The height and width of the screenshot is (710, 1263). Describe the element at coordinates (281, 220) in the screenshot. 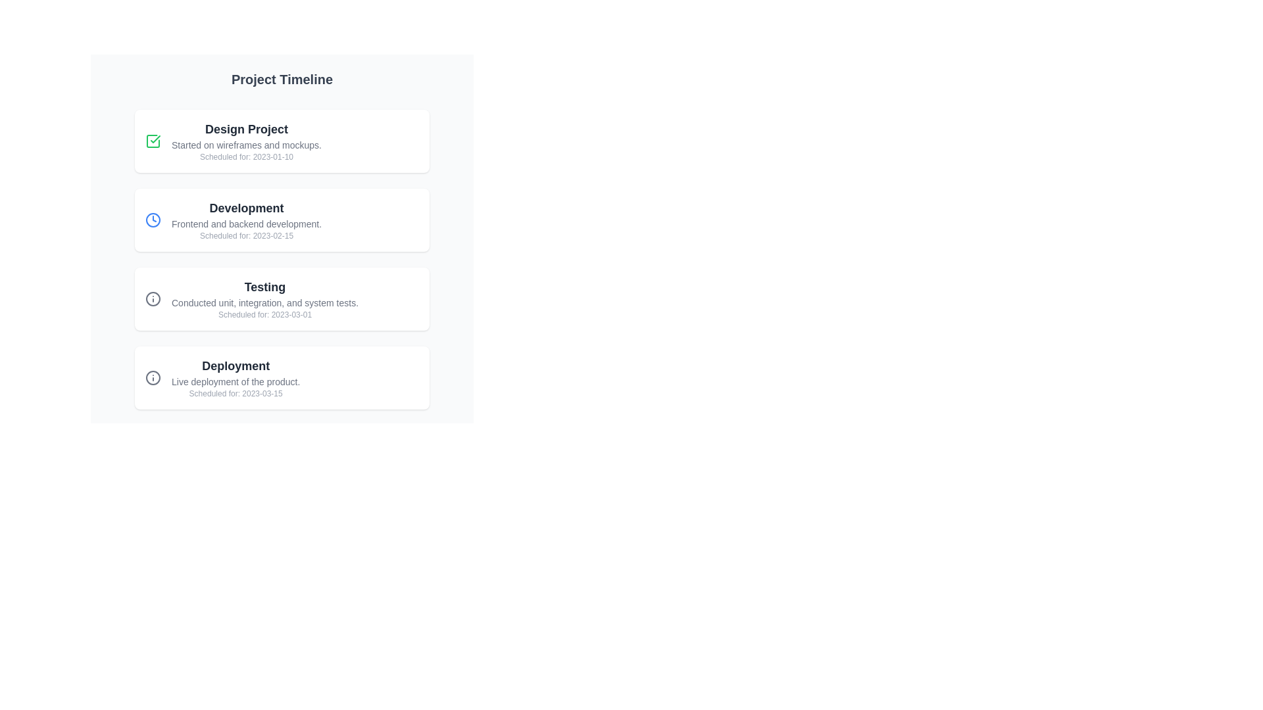

I see `the 'Development' phase card, which is the second card in the vertical list of project stages, located below 'Design Project' and above 'Testing'` at that location.